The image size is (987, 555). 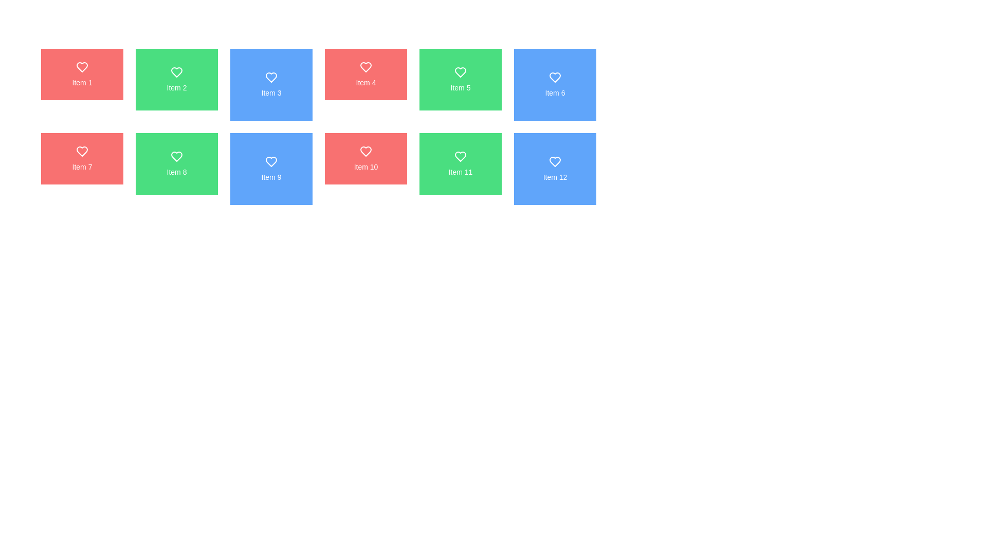 I want to click on the Rectangular clickable component labeled 'Item 3', so click(x=271, y=84).